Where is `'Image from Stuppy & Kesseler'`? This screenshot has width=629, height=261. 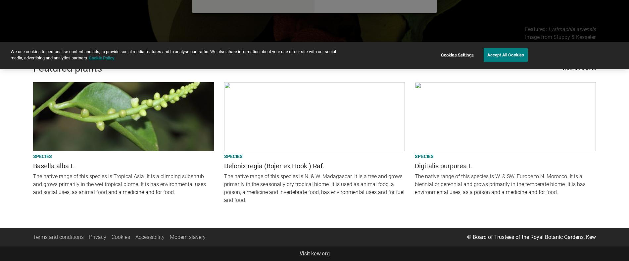
'Image from Stuppy & Kesseler' is located at coordinates (560, 37).